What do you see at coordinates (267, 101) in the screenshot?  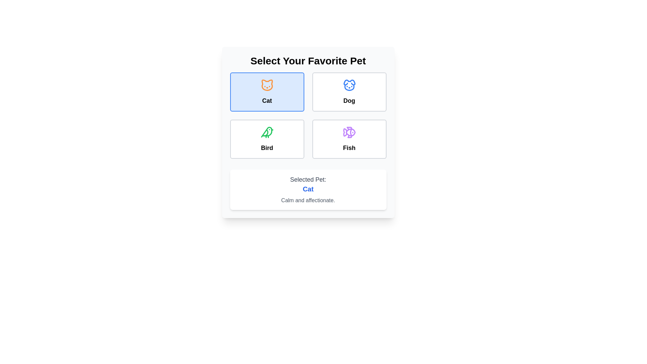 I see `the text label reading 'Cat' which is styled in a large, bold font and positioned directly beneath the orange cat-shaped icon in the top-left box of the pet grid` at bounding box center [267, 101].